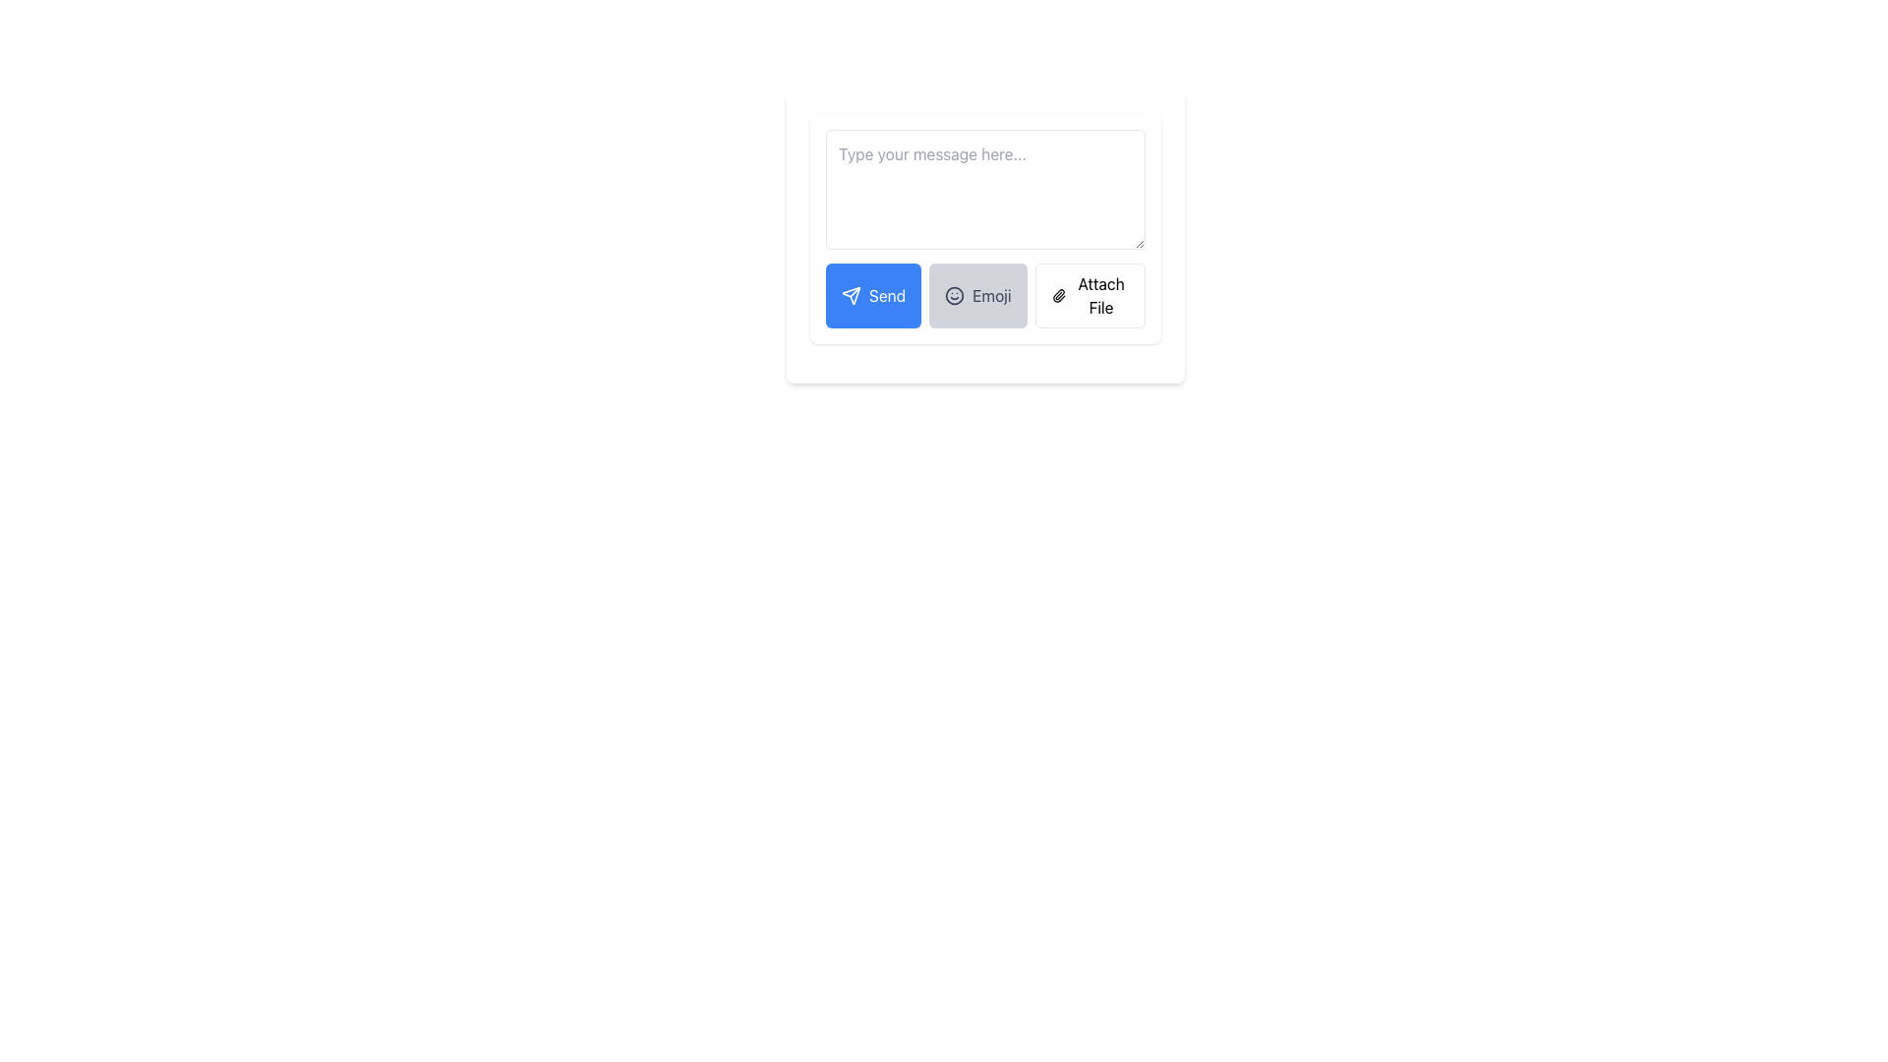  I want to click on the paperclip icon within the 'Attach File' button to initiate file attachment, so click(1057, 295).